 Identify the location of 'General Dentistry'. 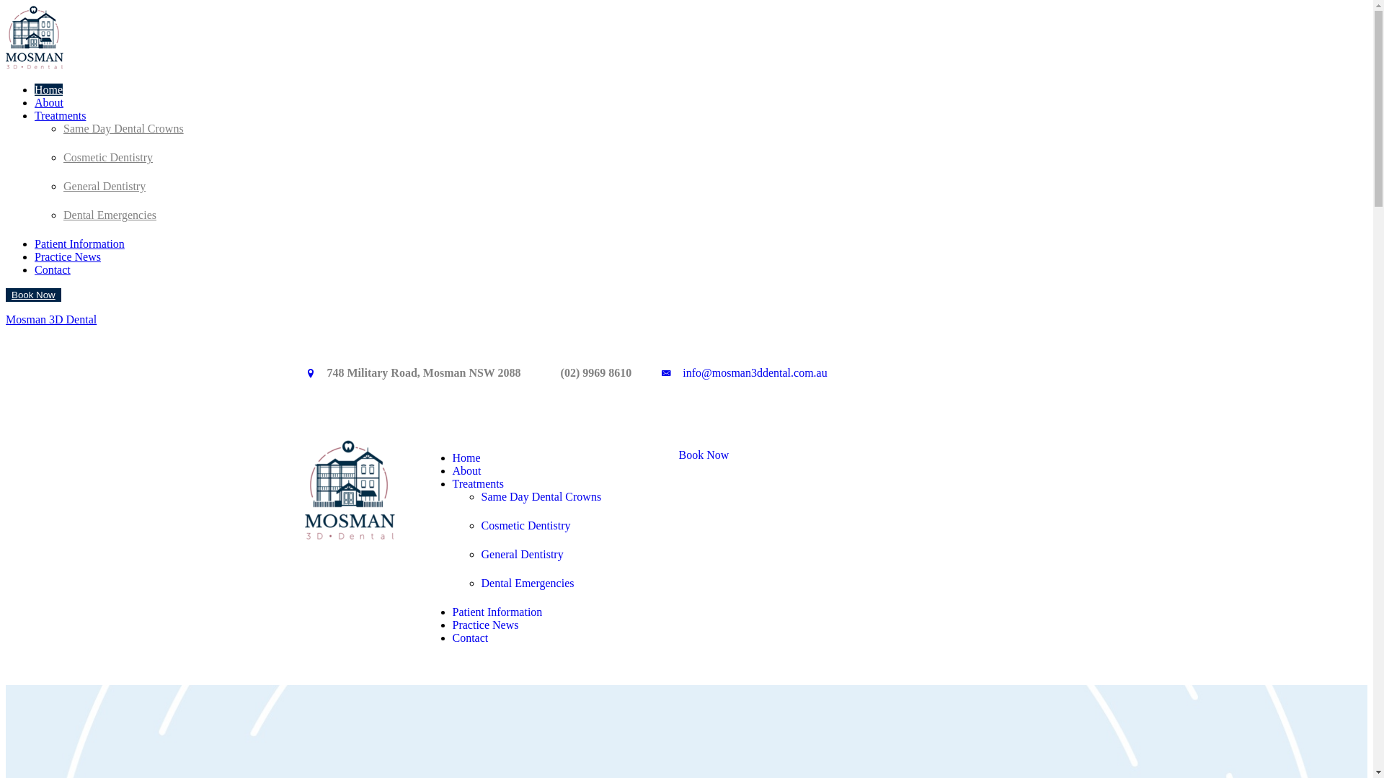
(103, 185).